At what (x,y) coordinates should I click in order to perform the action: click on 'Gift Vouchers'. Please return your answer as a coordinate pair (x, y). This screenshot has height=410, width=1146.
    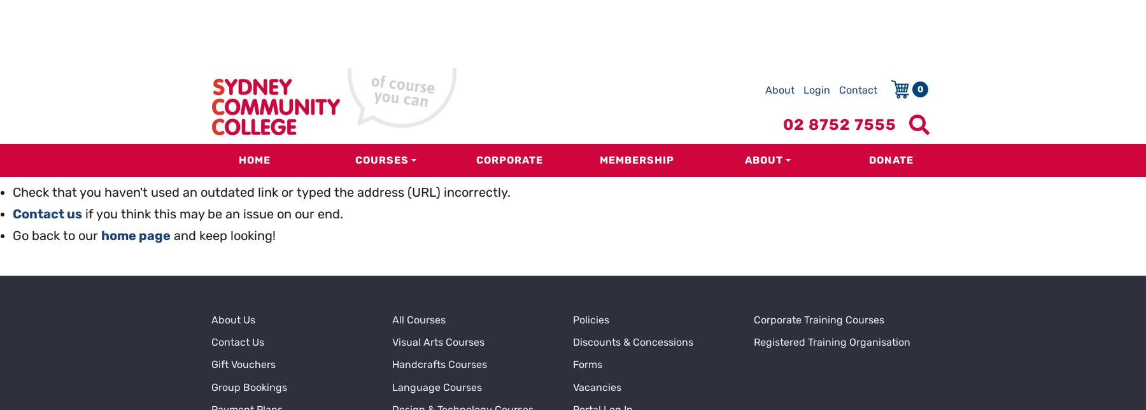
    Looking at the image, I should click on (243, 186).